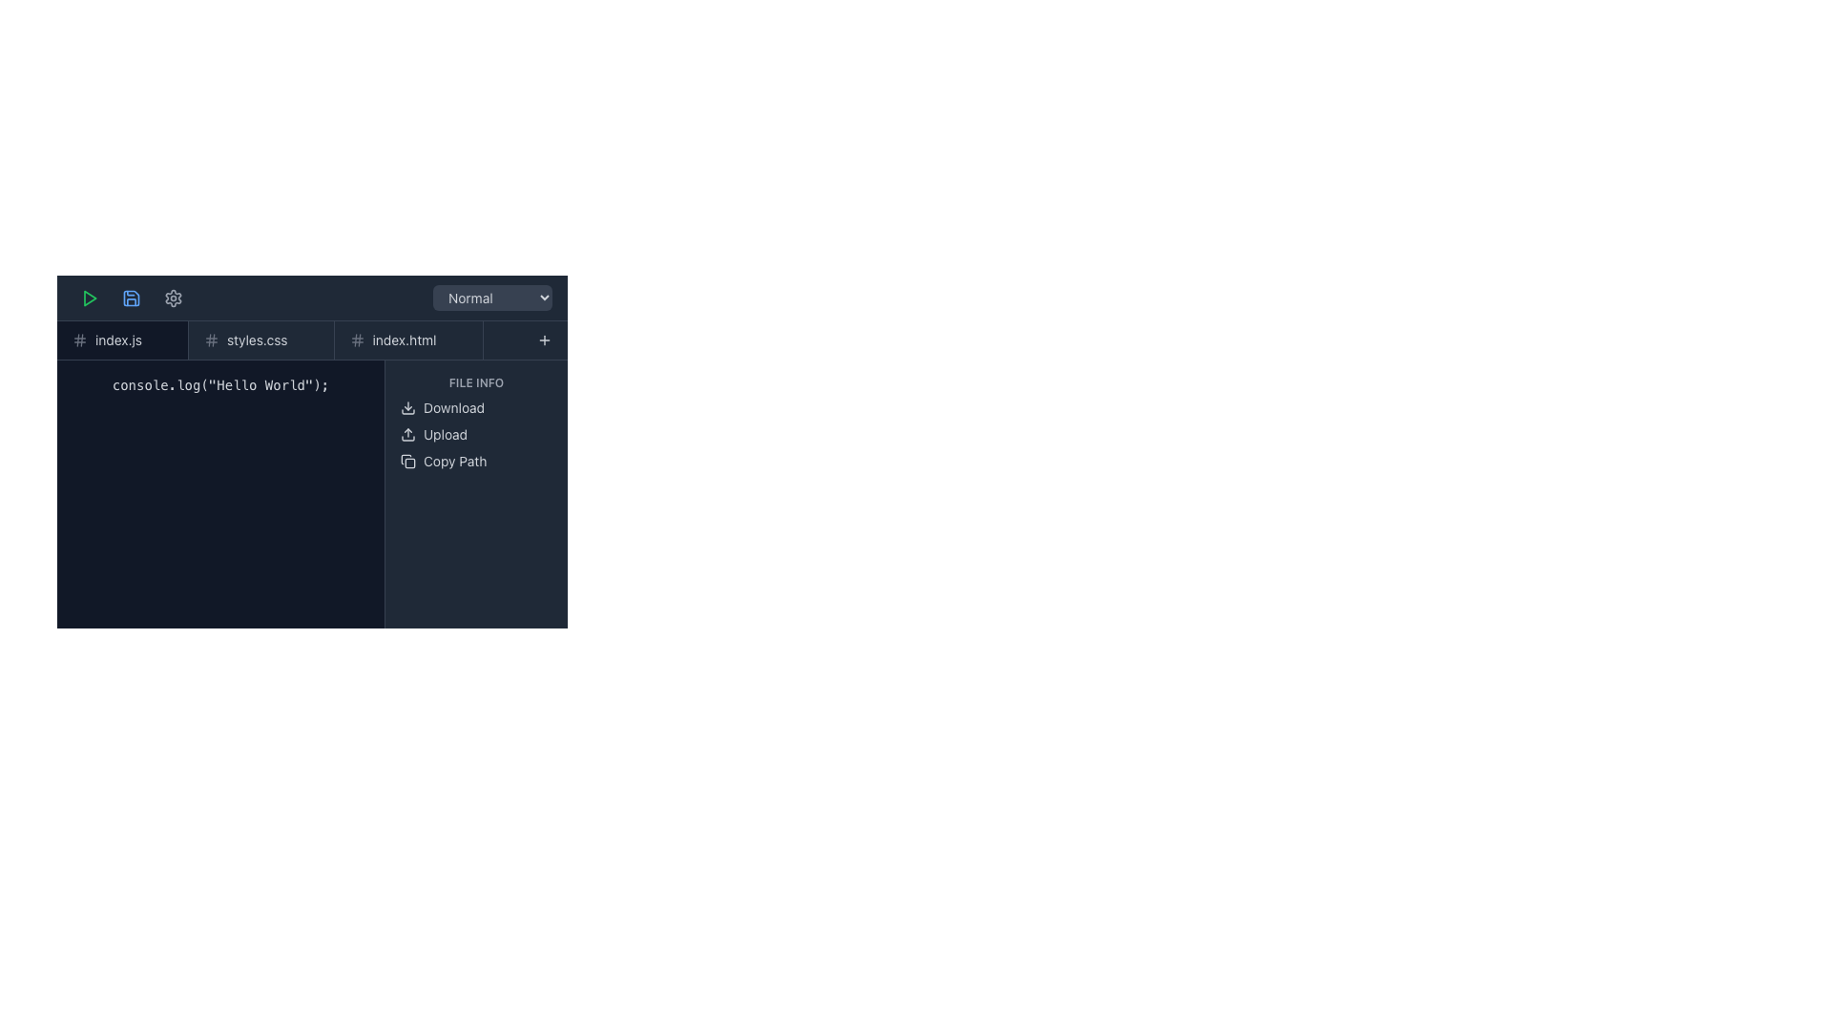 The image size is (1832, 1030). Describe the element at coordinates (89, 298) in the screenshot. I see `the play button located in the top left corner of its section` at that location.